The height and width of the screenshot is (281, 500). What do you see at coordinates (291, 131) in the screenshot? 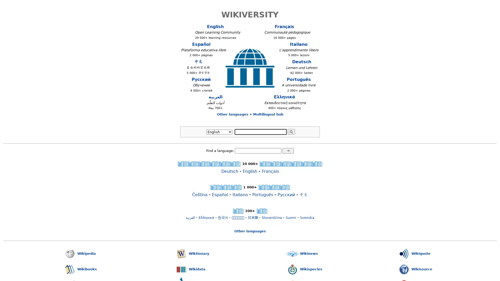
I see `Search` at bounding box center [291, 131].